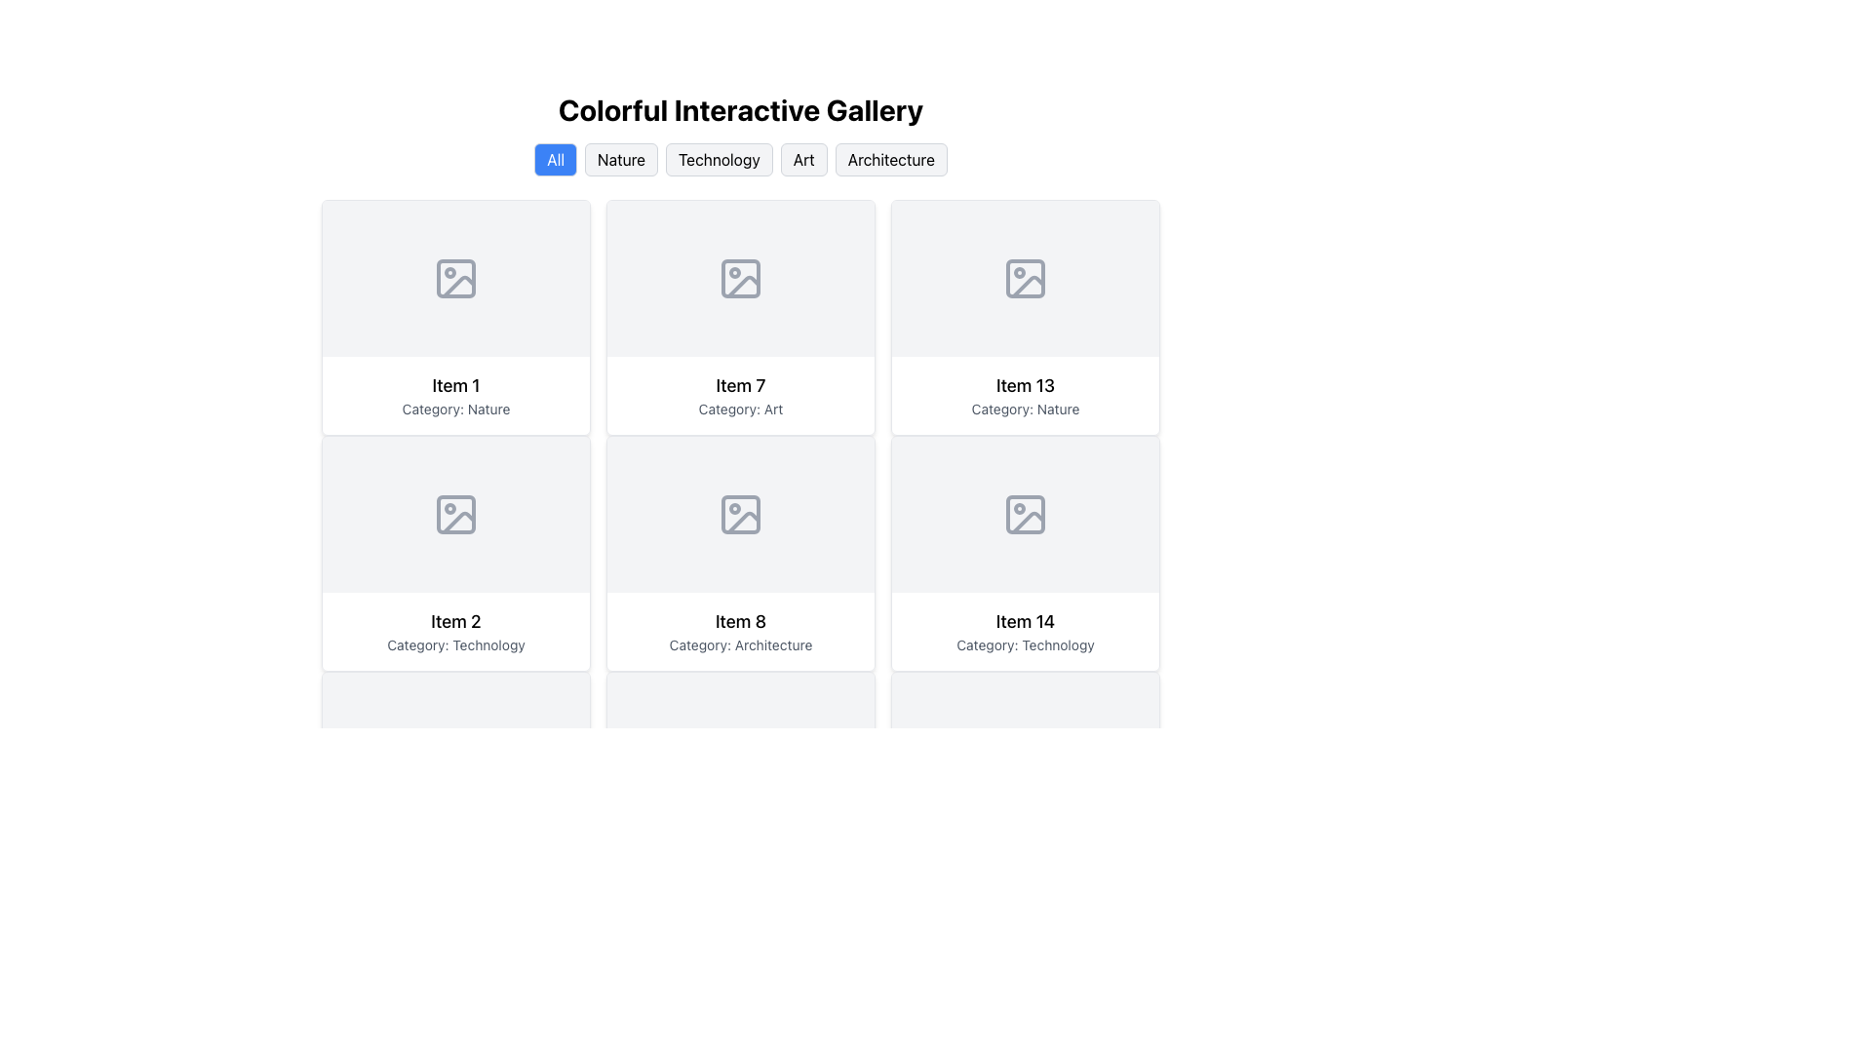 The image size is (1872, 1053). Describe the element at coordinates (739, 278) in the screenshot. I see `the image placeholder located in the center position of the second row of the grid, which serves as a placeholder for an item labeled 'Item 7 - Category: Art'` at that location.